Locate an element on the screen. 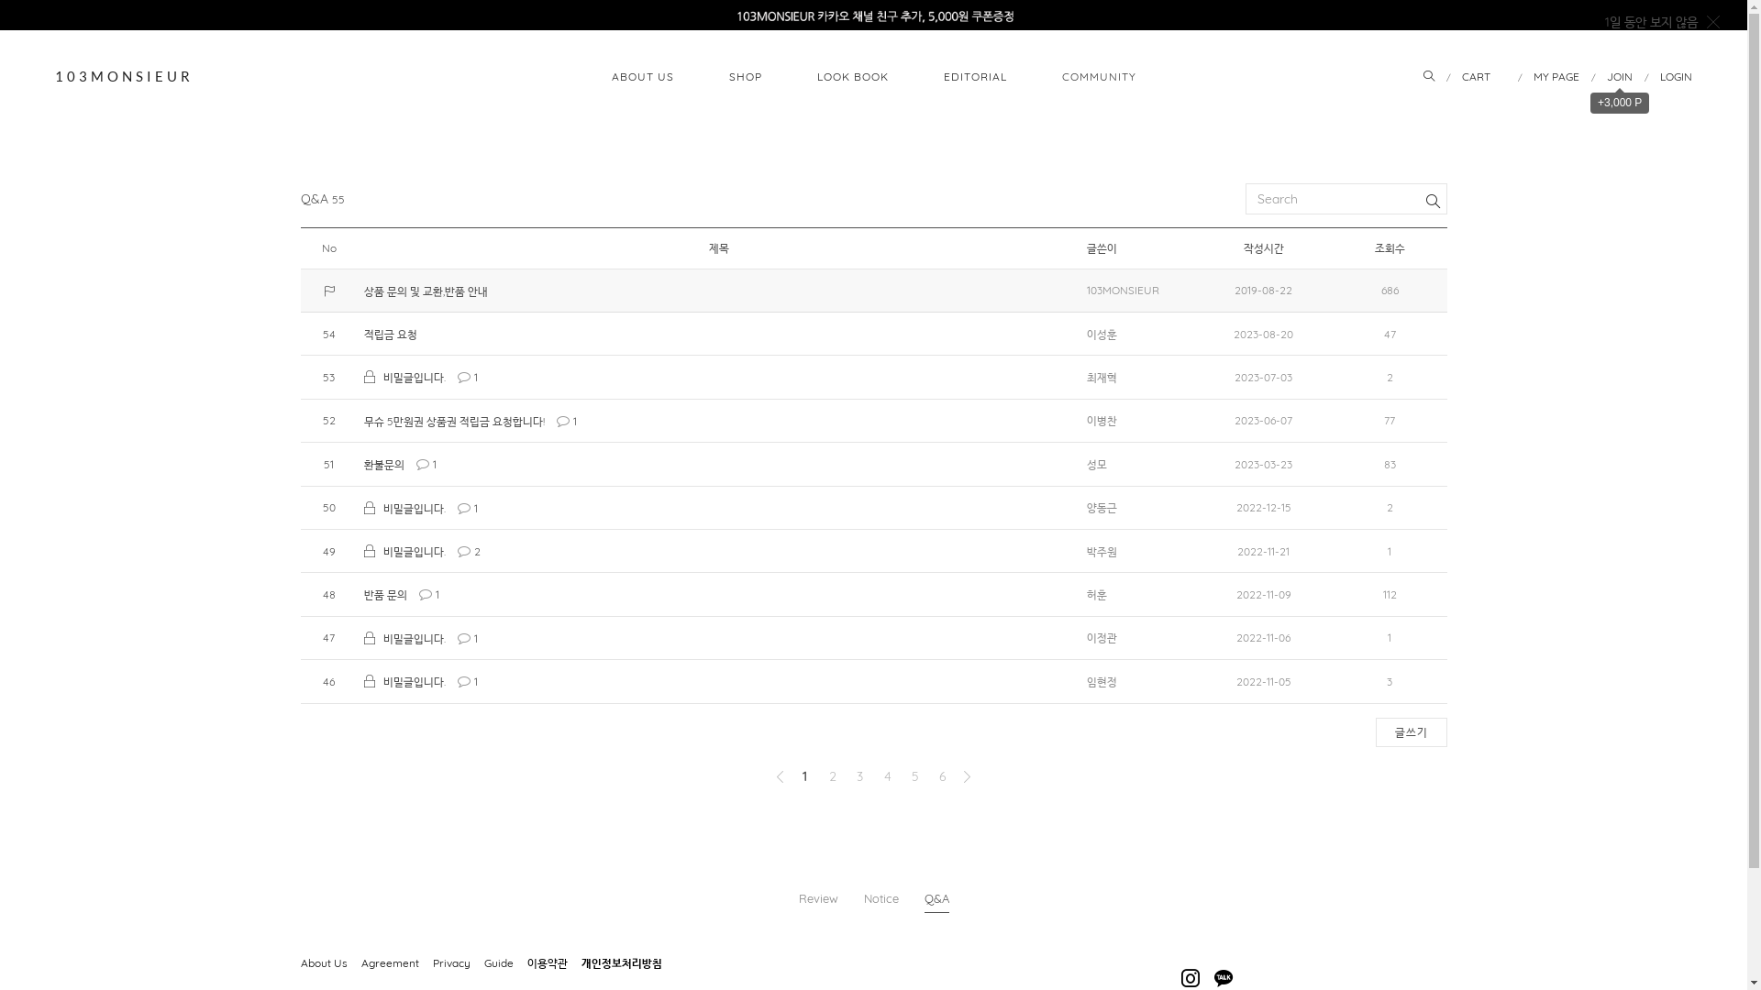  'MY PAGE' is located at coordinates (1556, 75).